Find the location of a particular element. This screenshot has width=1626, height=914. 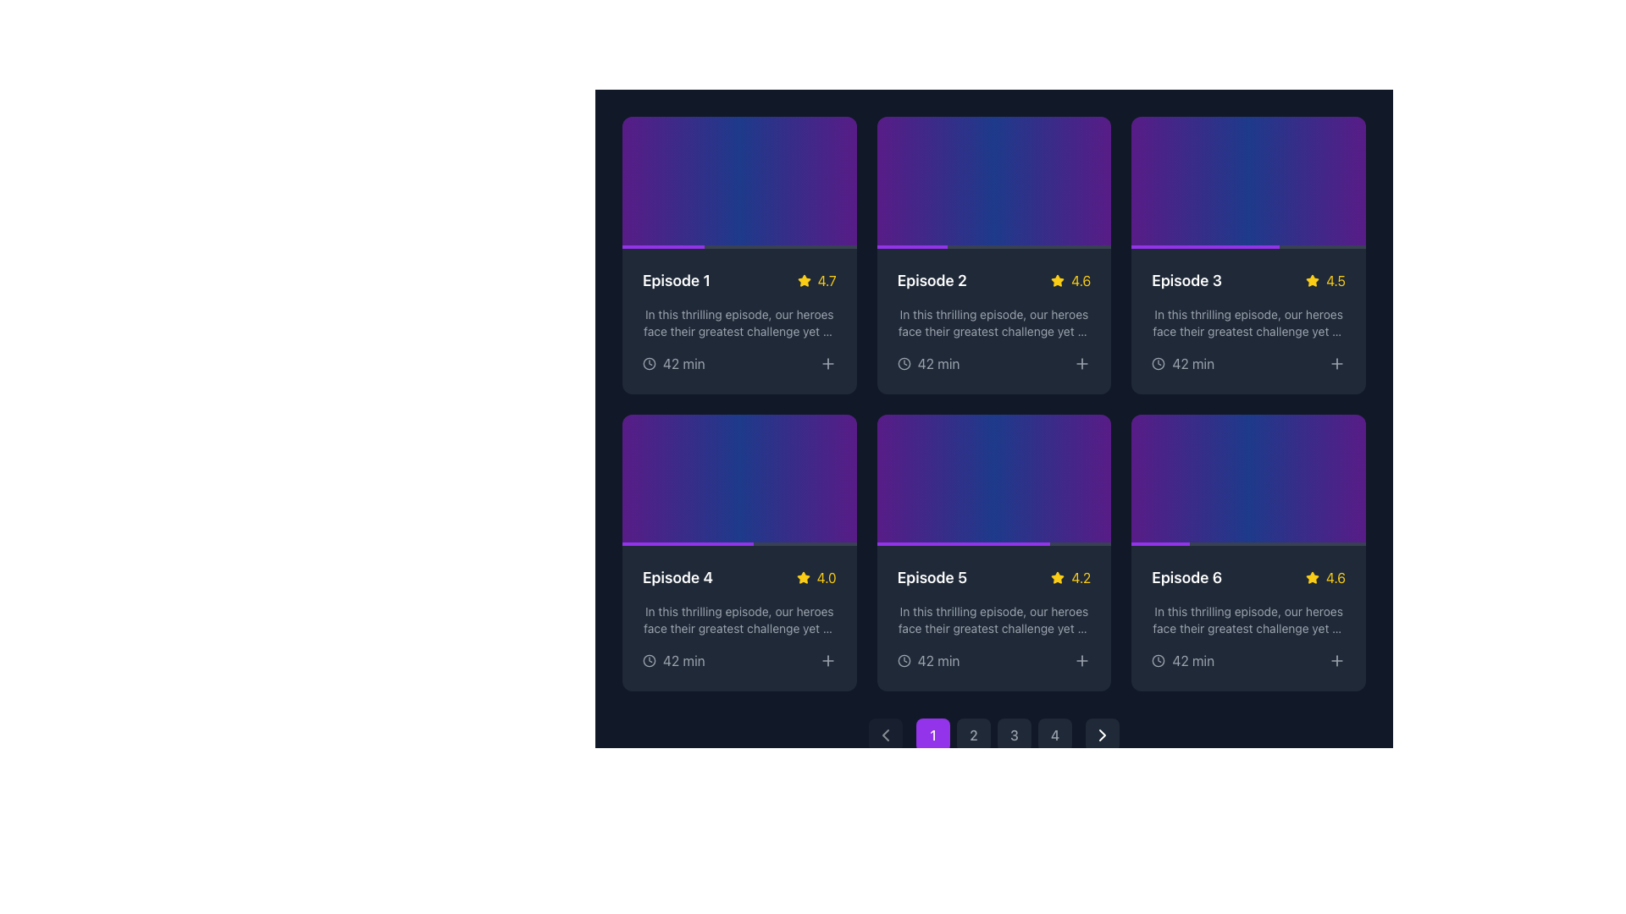

the progress bar located at the bottom of the fifth card in the second row, which consists of a gray background and a purple foreground indicating progress is located at coordinates (994, 544).